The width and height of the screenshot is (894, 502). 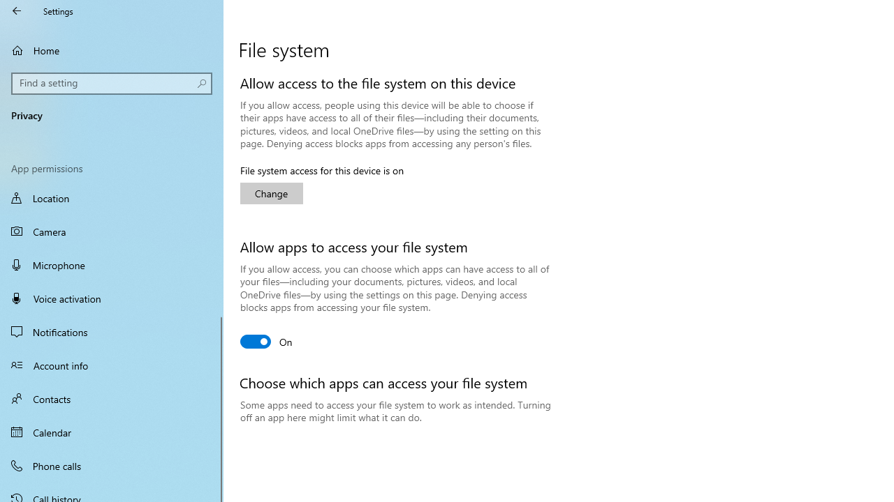 I want to click on 'Voice activation', so click(x=112, y=298).